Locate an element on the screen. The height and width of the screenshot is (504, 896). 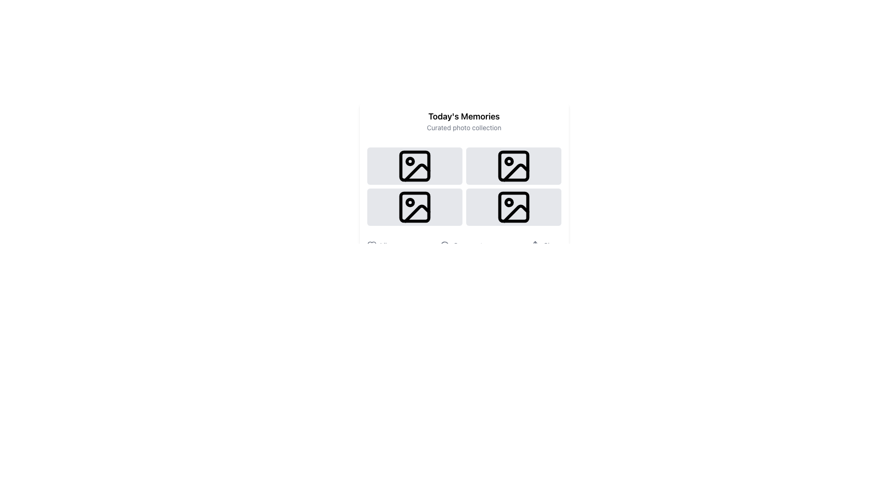
the 'share' SVG icon, which features a rectangular base and an upward-pointing arrow, located in the lower-right area of the context, to the left of the text labeled 'Share' is located at coordinates (535, 245).